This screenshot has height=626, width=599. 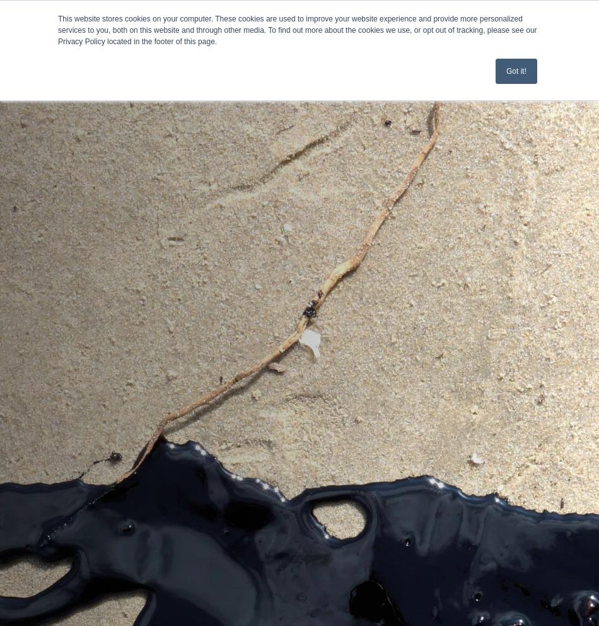 I want to click on 'Volunteer', so click(x=33, y=208).